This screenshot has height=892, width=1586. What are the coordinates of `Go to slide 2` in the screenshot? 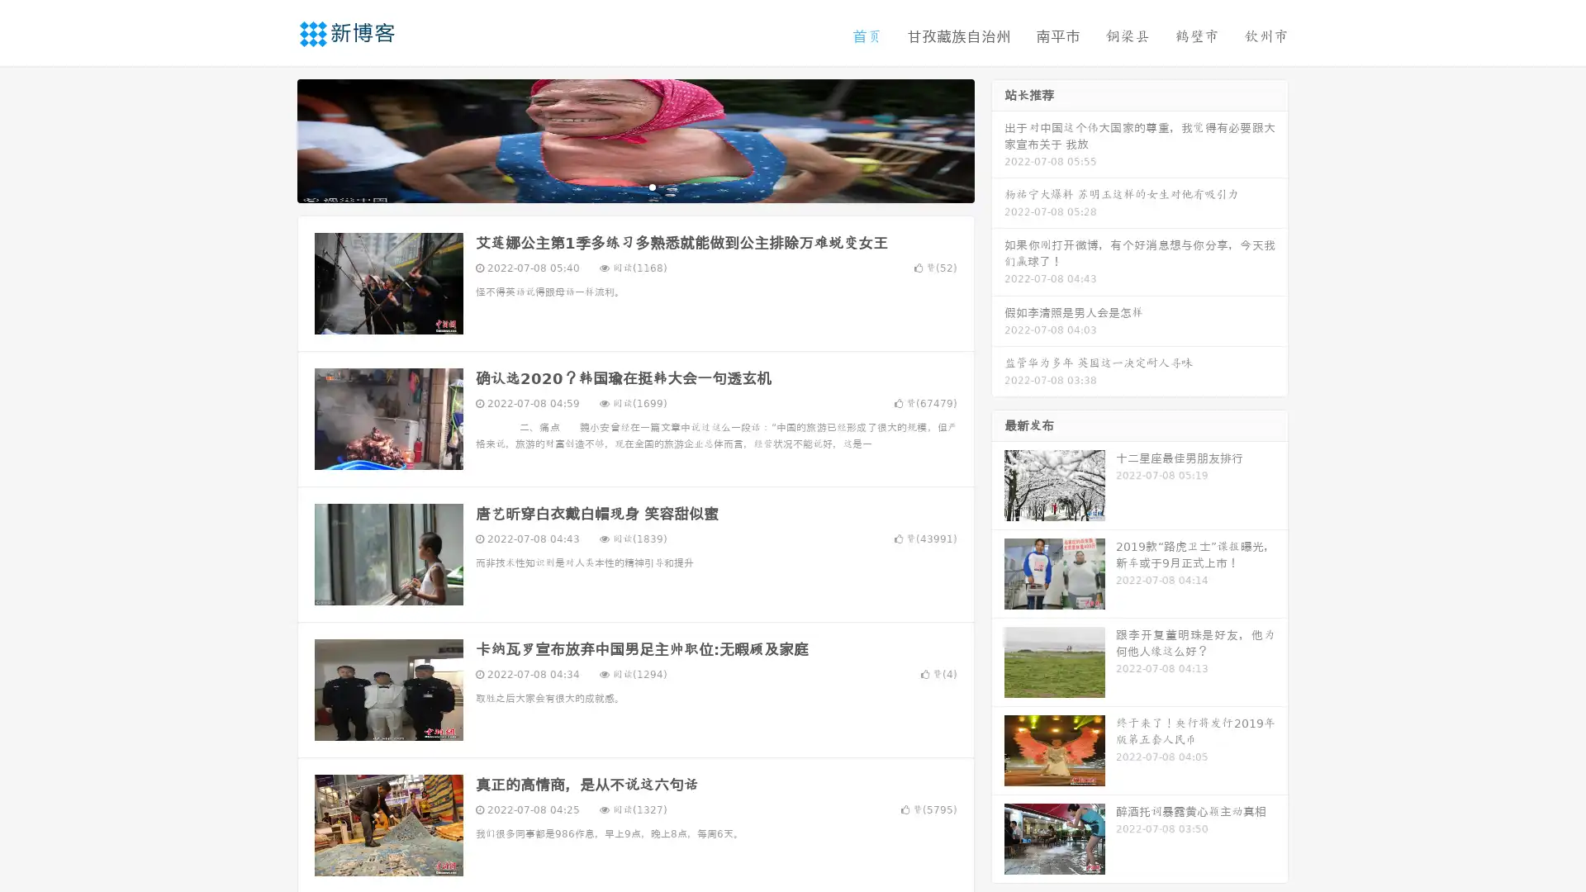 It's located at (634, 186).